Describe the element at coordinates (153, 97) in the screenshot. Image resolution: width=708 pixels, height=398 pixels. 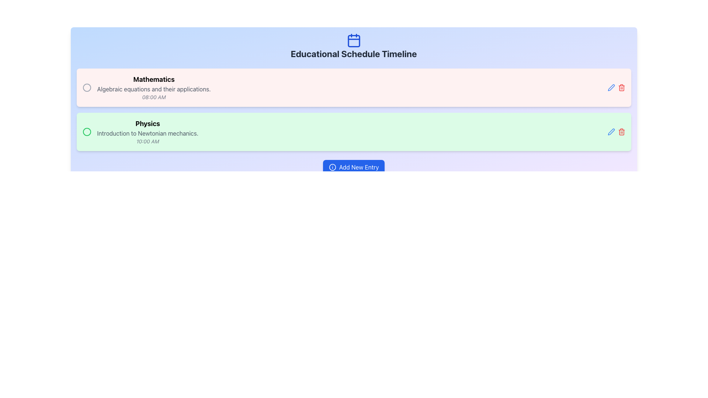
I see `the text label indicating the scheduled time for the 'Mathematics' entry in the educational schedule timeline, which is positioned below the description text 'Algebraic equations and their applications.'` at that location.